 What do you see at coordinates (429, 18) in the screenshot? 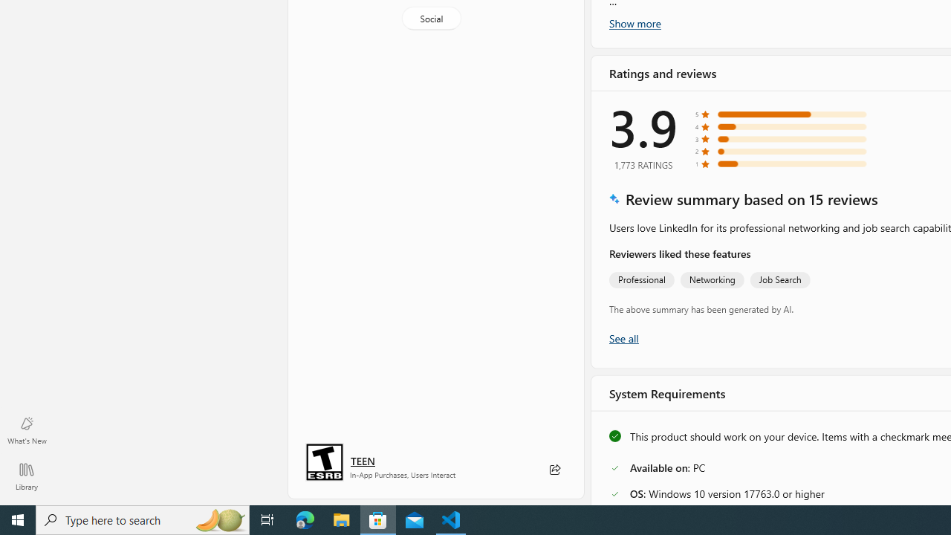
I see `'Social'` at bounding box center [429, 18].